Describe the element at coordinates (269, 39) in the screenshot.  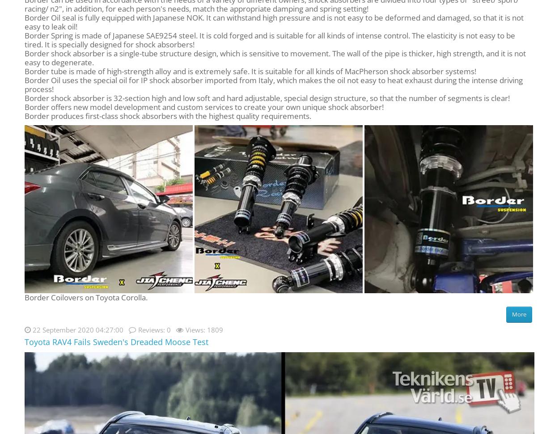
I see `'Border Spring is made of Japanese SAE9254 steel. It is cold forged and is suitable for all kinds of intense control. The elasticity is not easy to be tired. It is specially designed for shock absorbers!'` at that location.